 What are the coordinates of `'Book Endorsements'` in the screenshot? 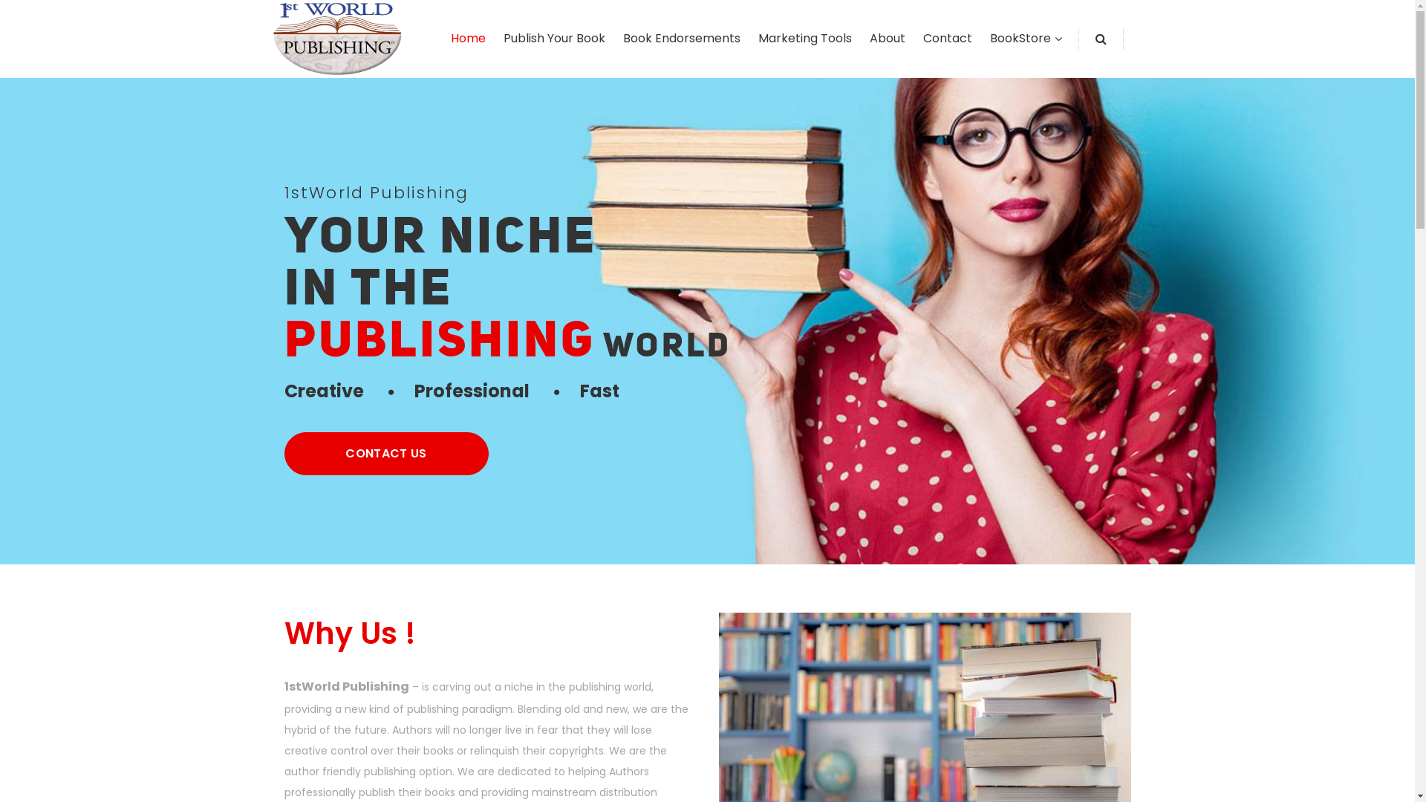 It's located at (680, 37).